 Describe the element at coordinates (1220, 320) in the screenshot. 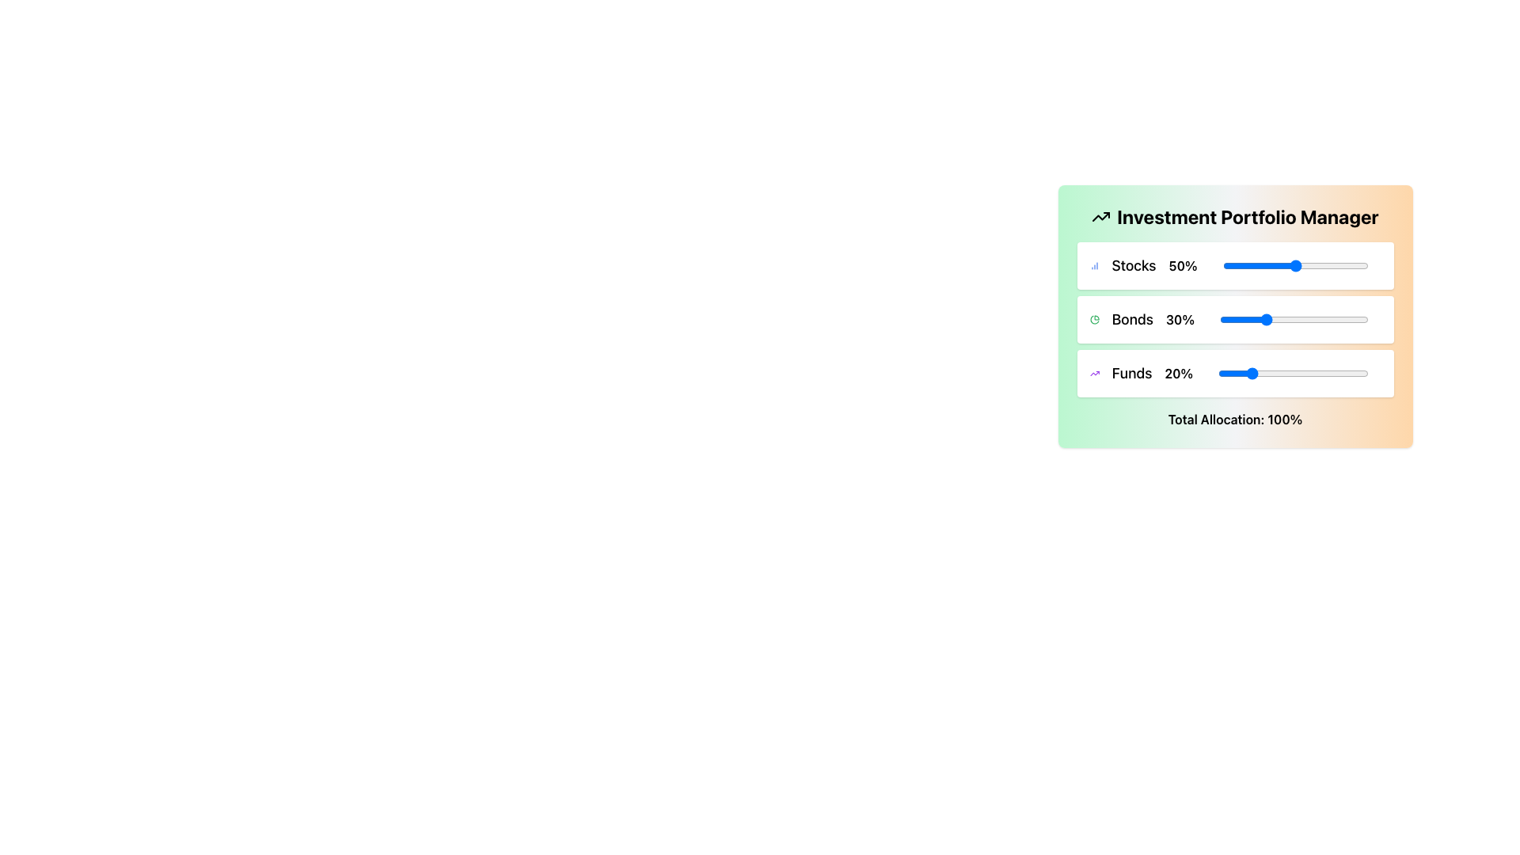

I see `the Bonds slider value` at that location.